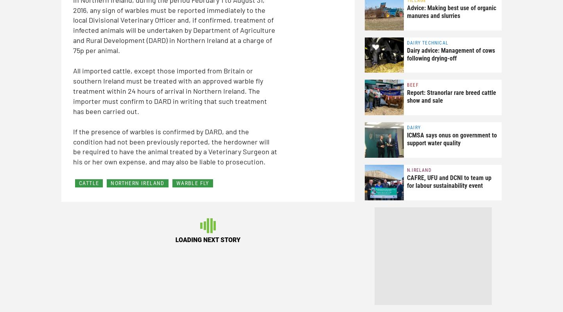 This screenshot has width=563, height=312. I want to click on 'NORTHERN IRELAND', so click(110, 183).